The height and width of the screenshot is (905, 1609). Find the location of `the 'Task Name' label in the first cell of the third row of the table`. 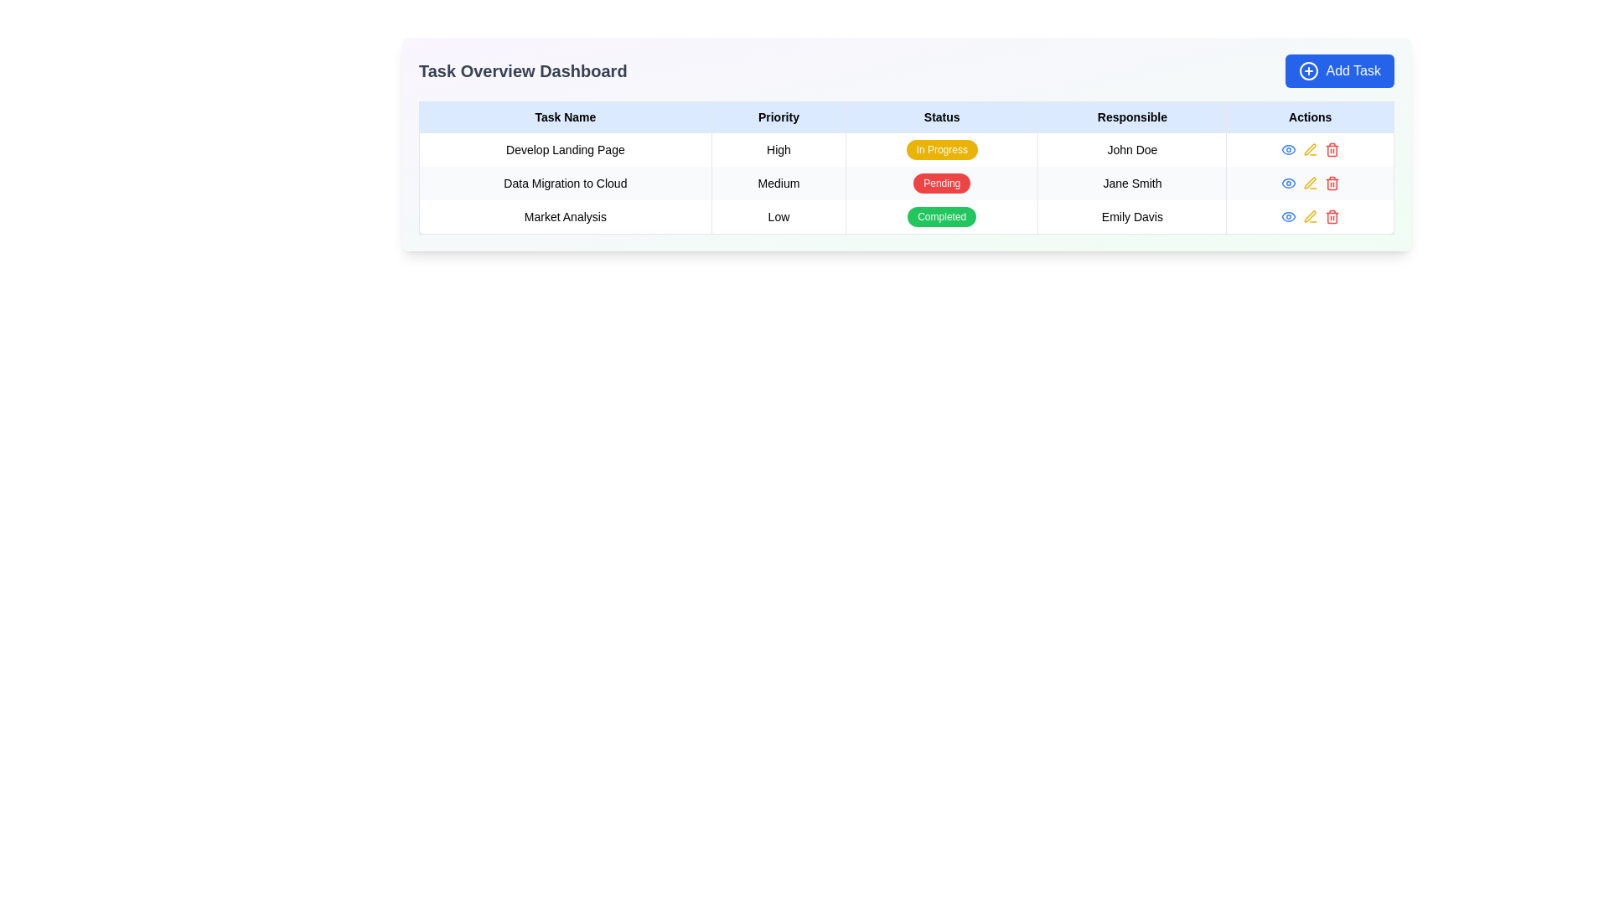

the 'Task Name' label in the first cell of the third row of the table is located at coordinates (565, 216).